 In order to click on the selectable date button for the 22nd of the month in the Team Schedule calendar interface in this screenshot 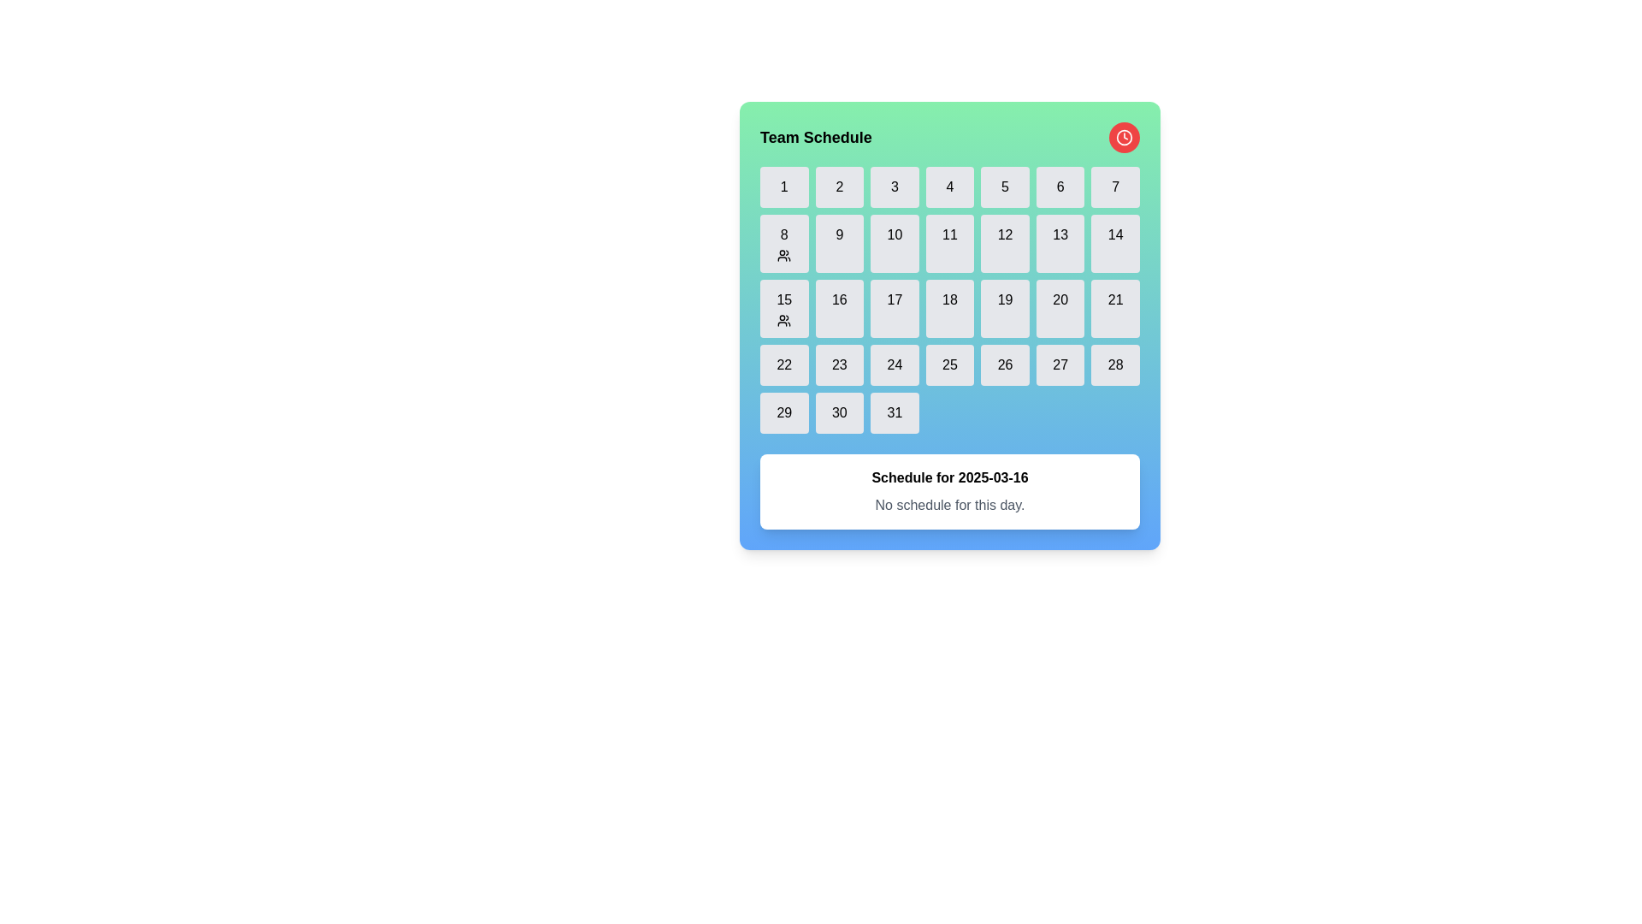, I will do `click(783, 364)`.